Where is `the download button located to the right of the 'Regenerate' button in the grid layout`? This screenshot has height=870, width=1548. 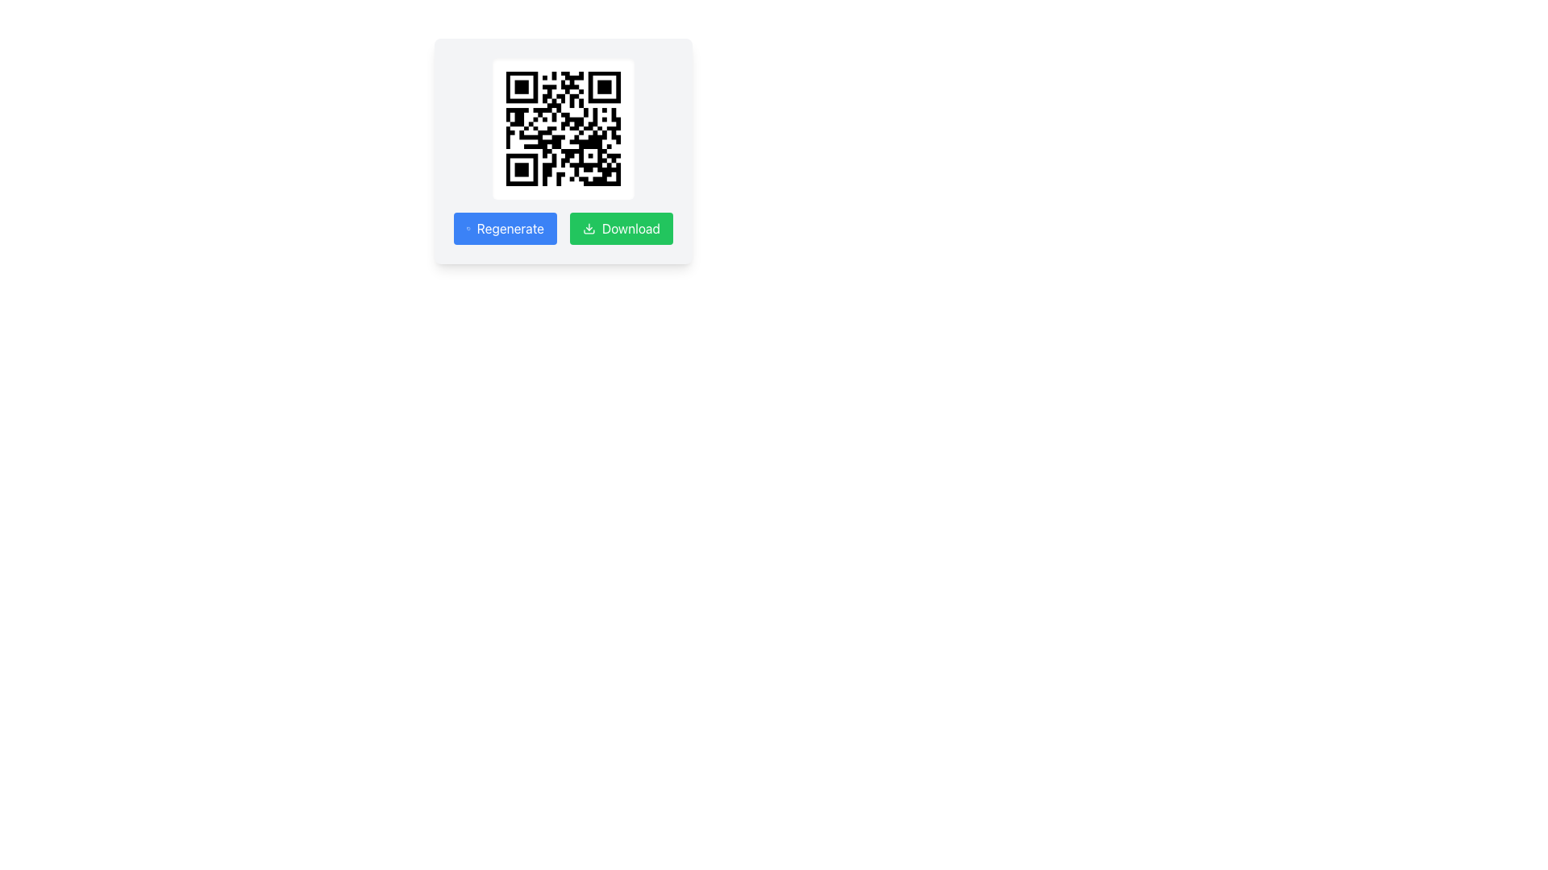
the download button located to the right of the 'Regenerate' button in the grid layout is located at coordinates (621, 229).